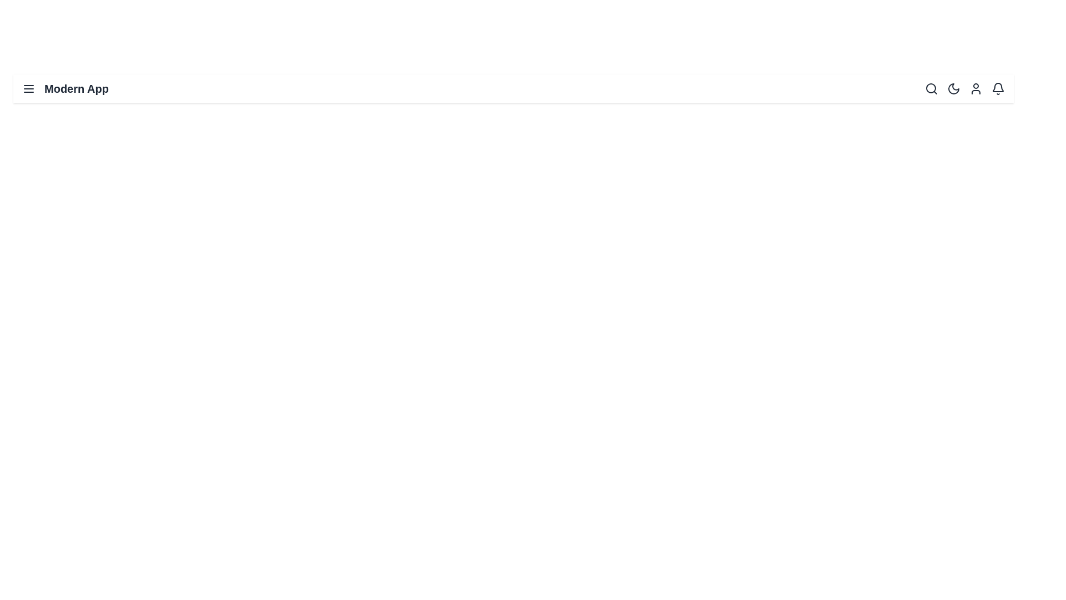 This screenshot has width=1066, height=600. I want to click on the search icon to toggle the visibility of the search bar, so click(932, 88).